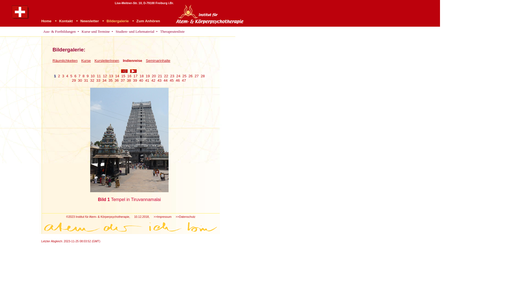  I want to click on '27', so click(197, 76).